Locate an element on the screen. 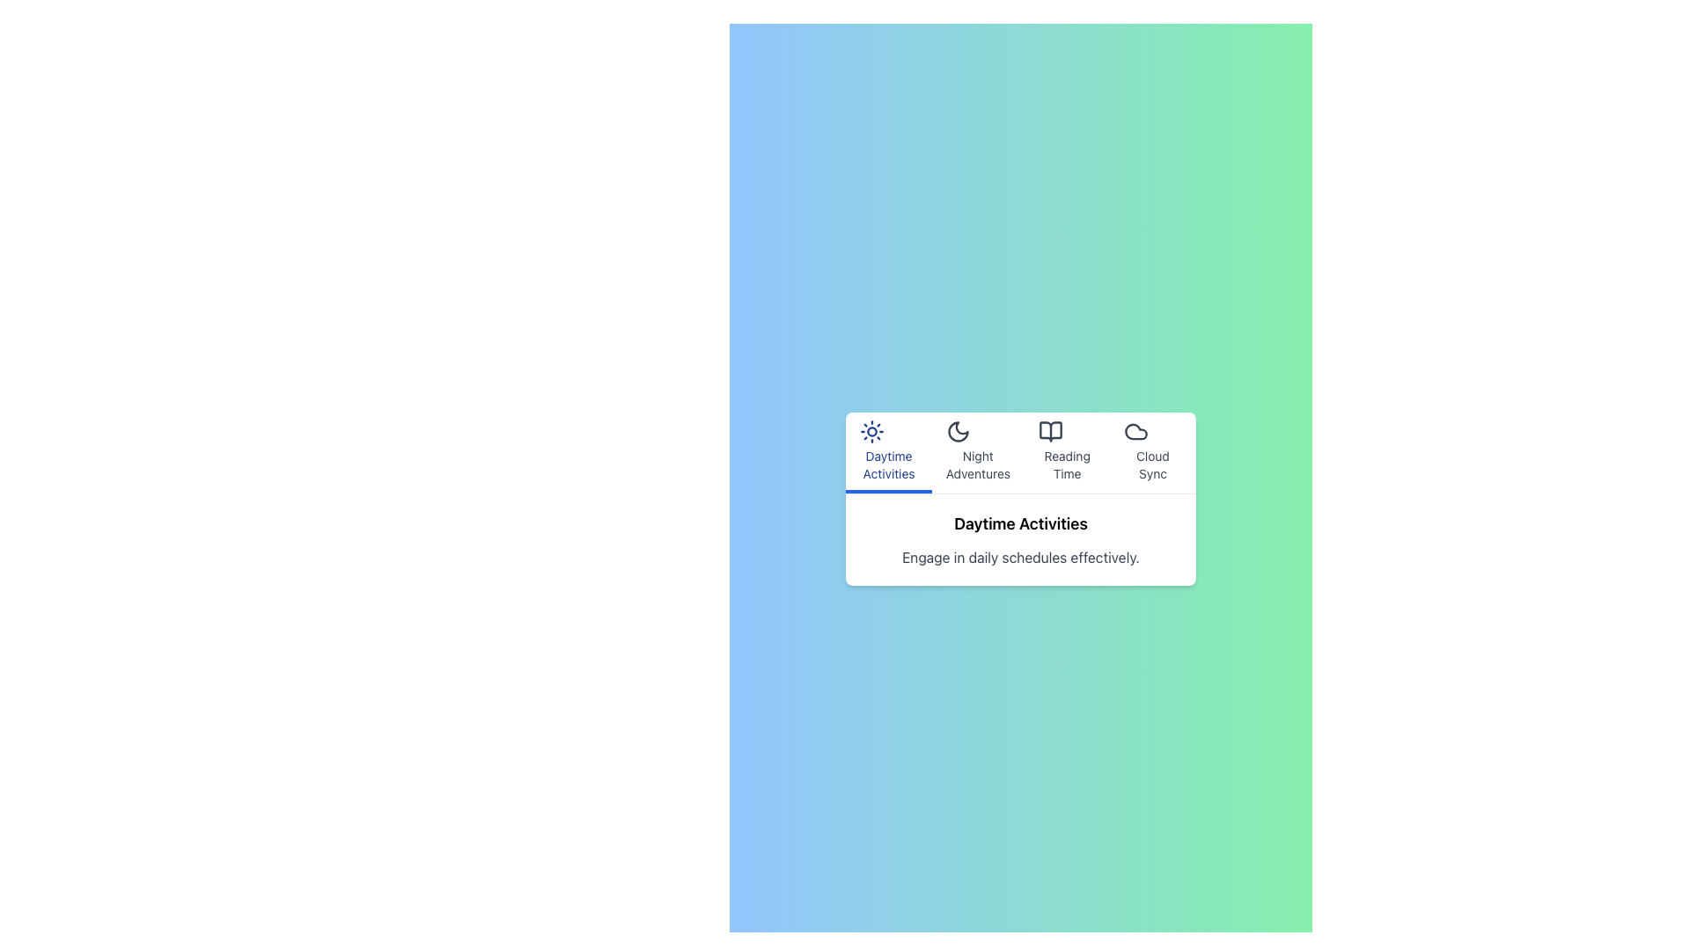  the Navigation Tab for 'Cloud Sync' using keyboard navigation is located at coordinates (1153, 451).